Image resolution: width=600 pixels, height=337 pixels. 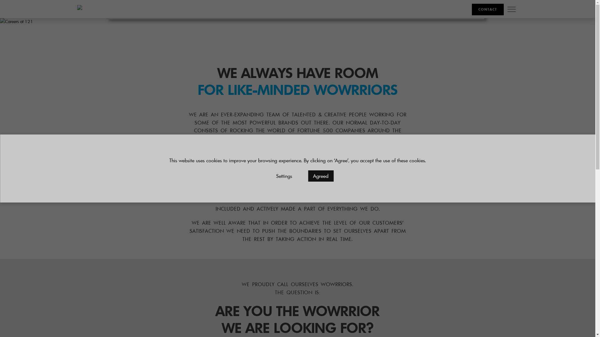 I want to click on 'CONTACT', so click(x=487, y=9).